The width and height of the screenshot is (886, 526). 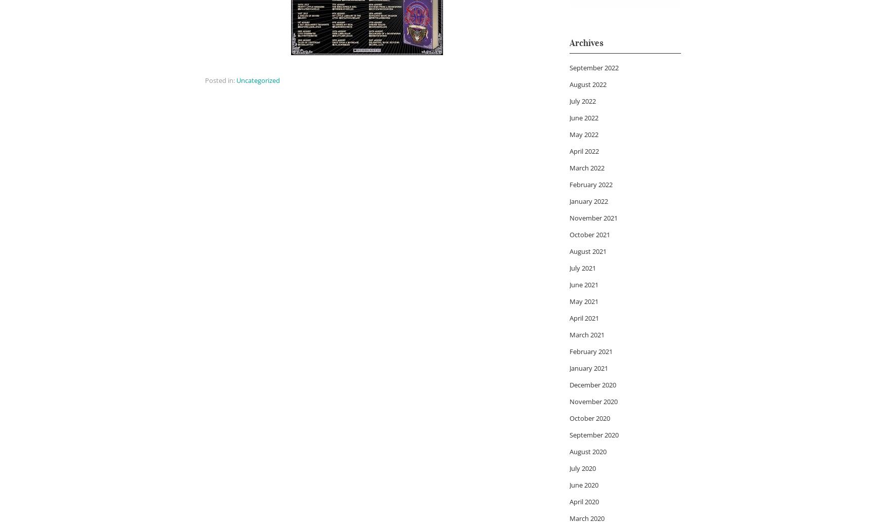 What do you see at coordinates (583, 300) in the screenshot?
I see `'May 2021'` at bounding box center [583, 300].